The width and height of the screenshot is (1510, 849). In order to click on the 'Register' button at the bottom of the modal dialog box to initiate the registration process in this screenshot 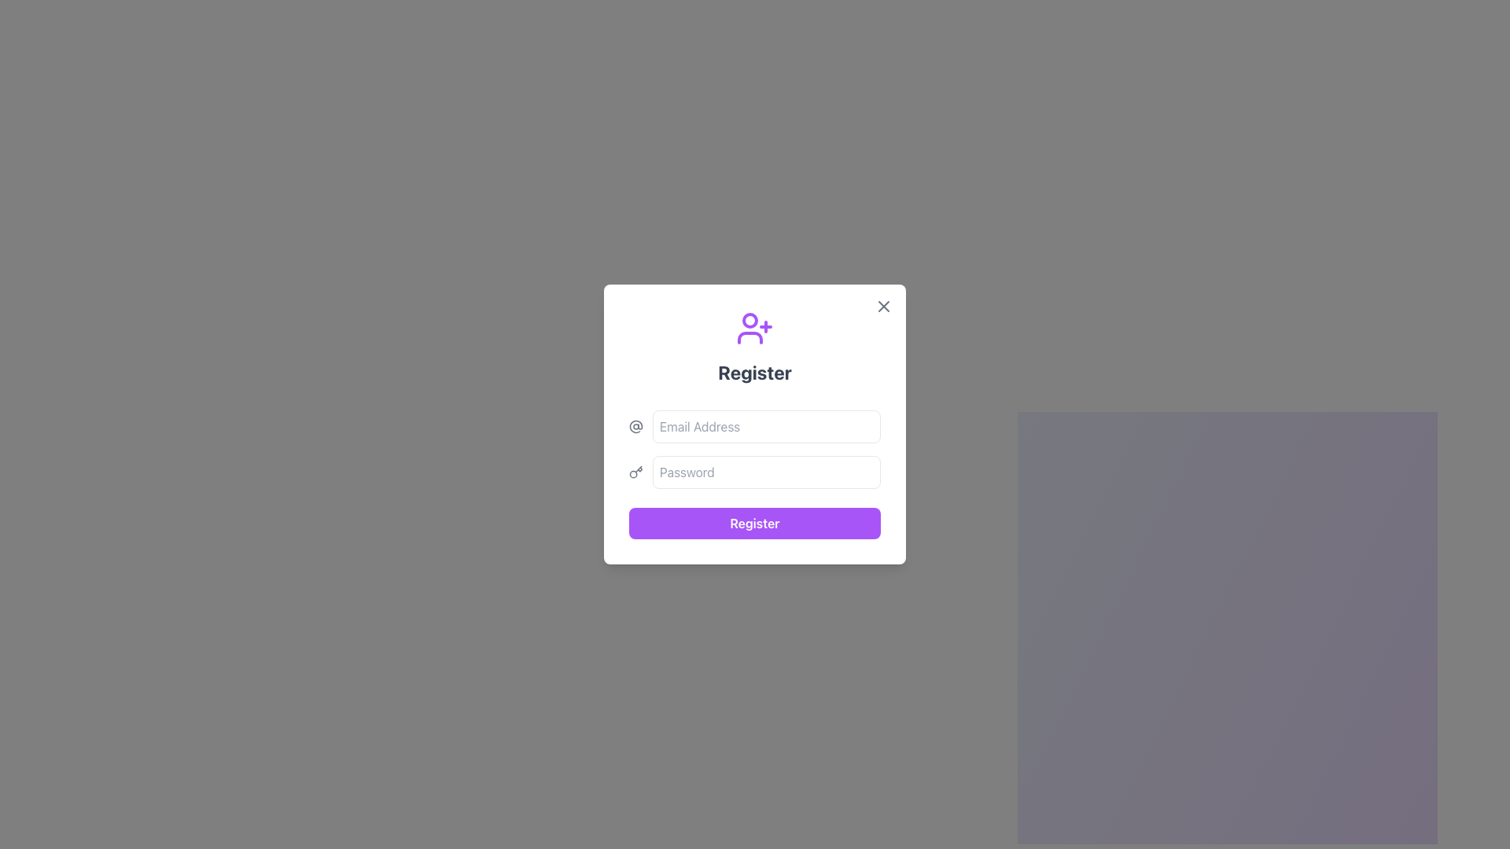, I will do `click(755, 524)`.